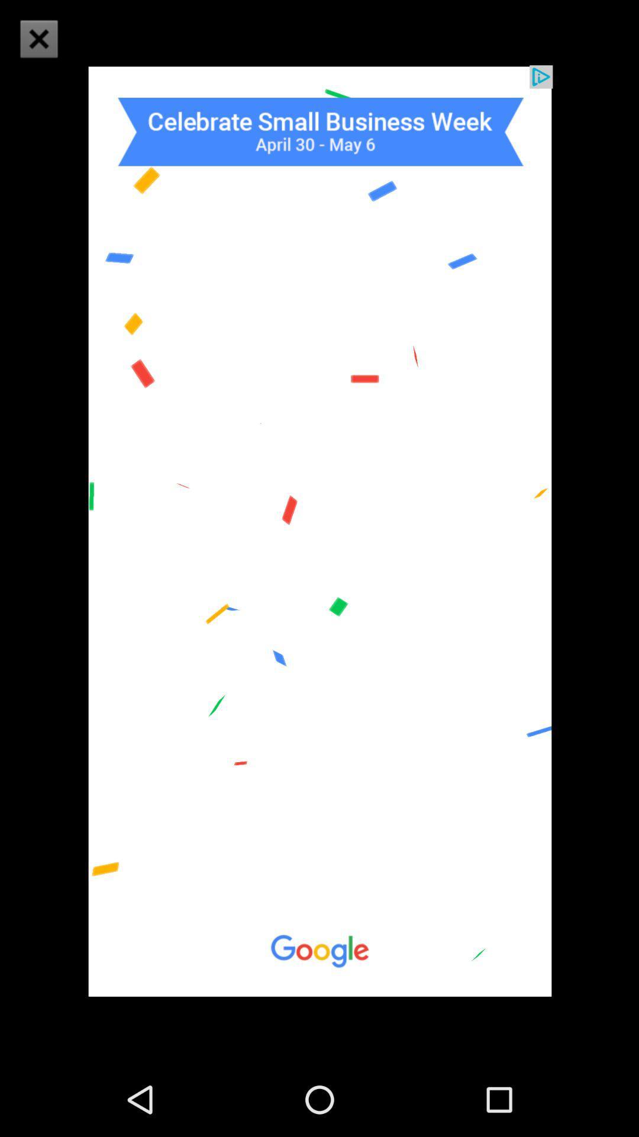 The width and height of the screenshot is (639, 1137). Describe the element at coordinates (38, 41) in the screenshot. I see `the close icon` at that location.